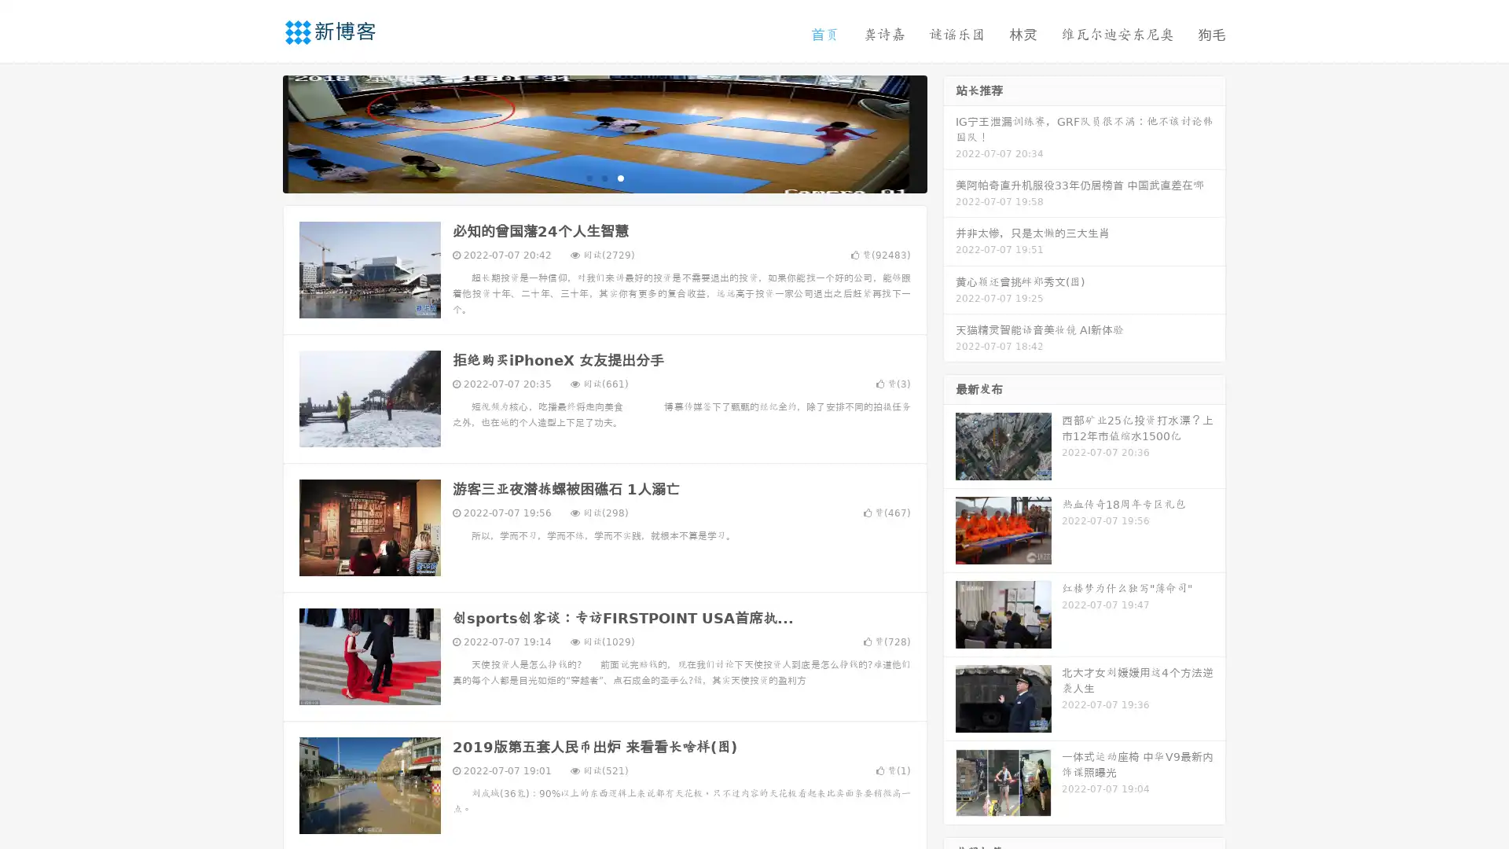  What do you see at coordinates (620, 177) in the screenshot?
I see `Go to slide 3` at bounding box center [620, 177].